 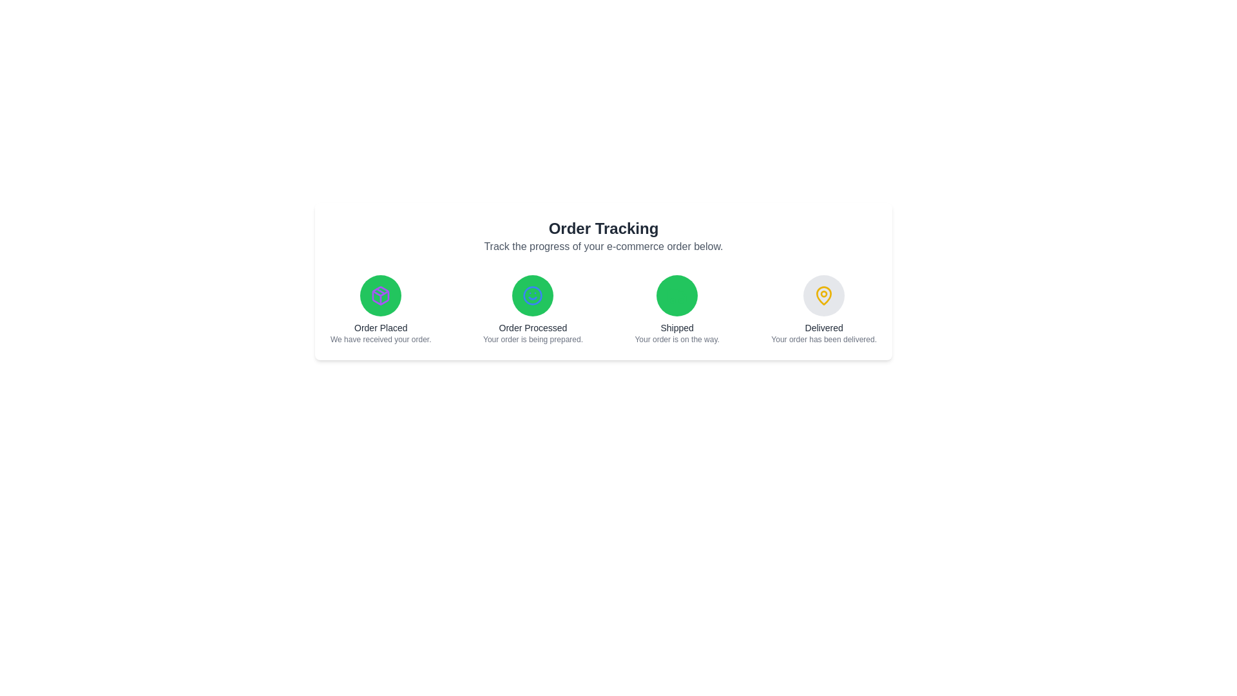 I want to click on text from the informational component with a green circular icon and a blue smiley face, titled 'Order Processed' and containing the message 'Your order is being prepared.', so click(x=533, y=310).